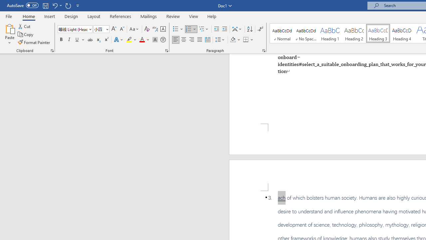 This screenshot has height=240, width=426. I want to click on 'Font Color Automatic', so click(141, 40).